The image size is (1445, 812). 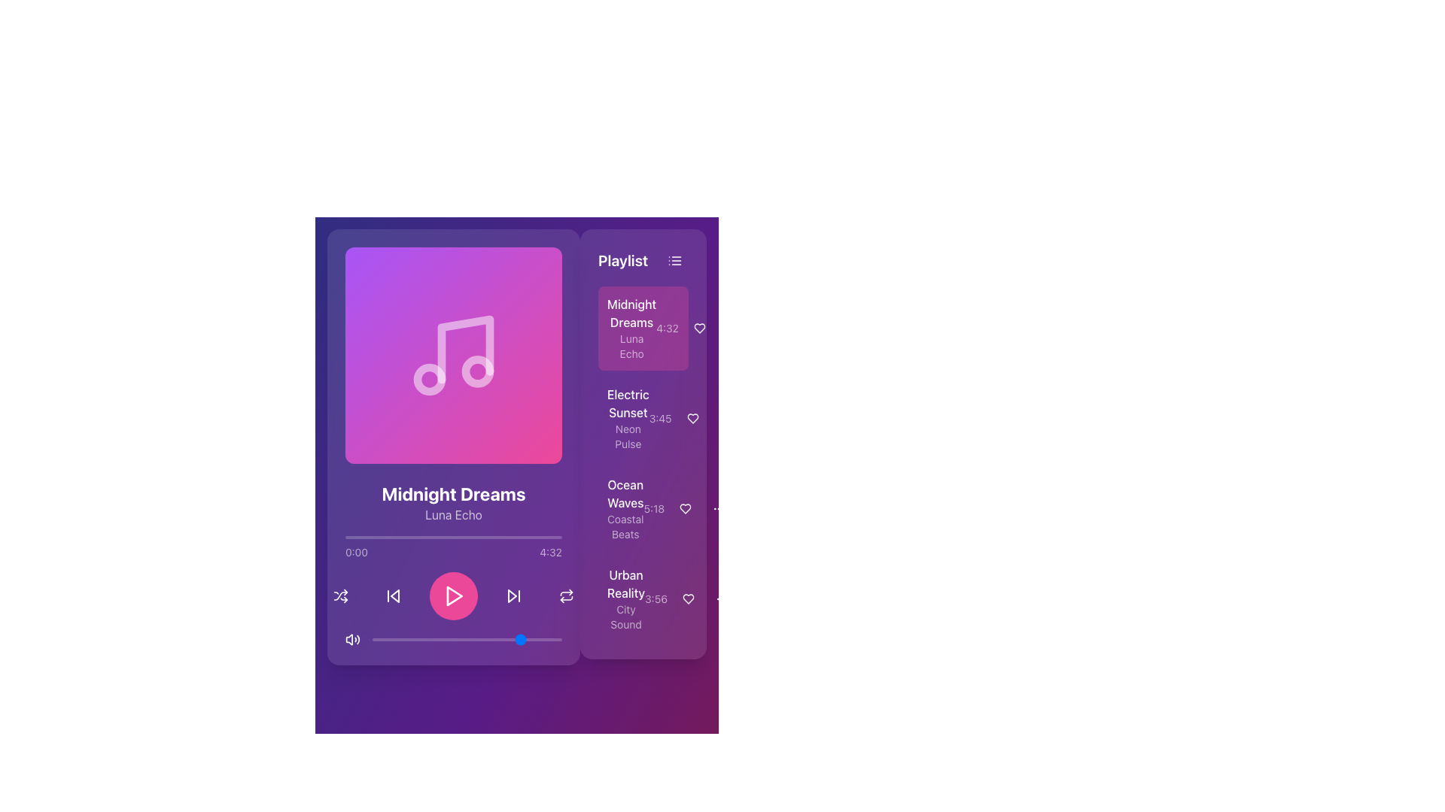 I want to click on the label that identifies the song or playlist entry located in the playlist section, specifically the fourth item in the list below 'Ocean Waves', so click(x=625, y=598).